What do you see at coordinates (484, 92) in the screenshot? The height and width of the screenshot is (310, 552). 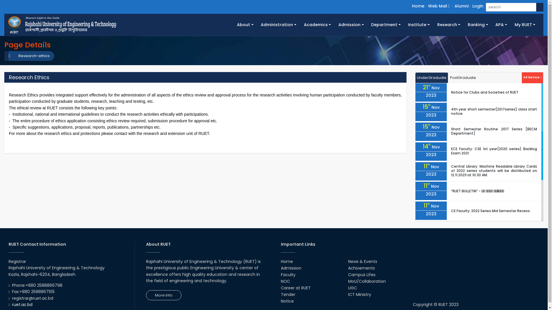 I see `'Notice for Clubs and Societies of RUET'` at bounding box center [484, 92].